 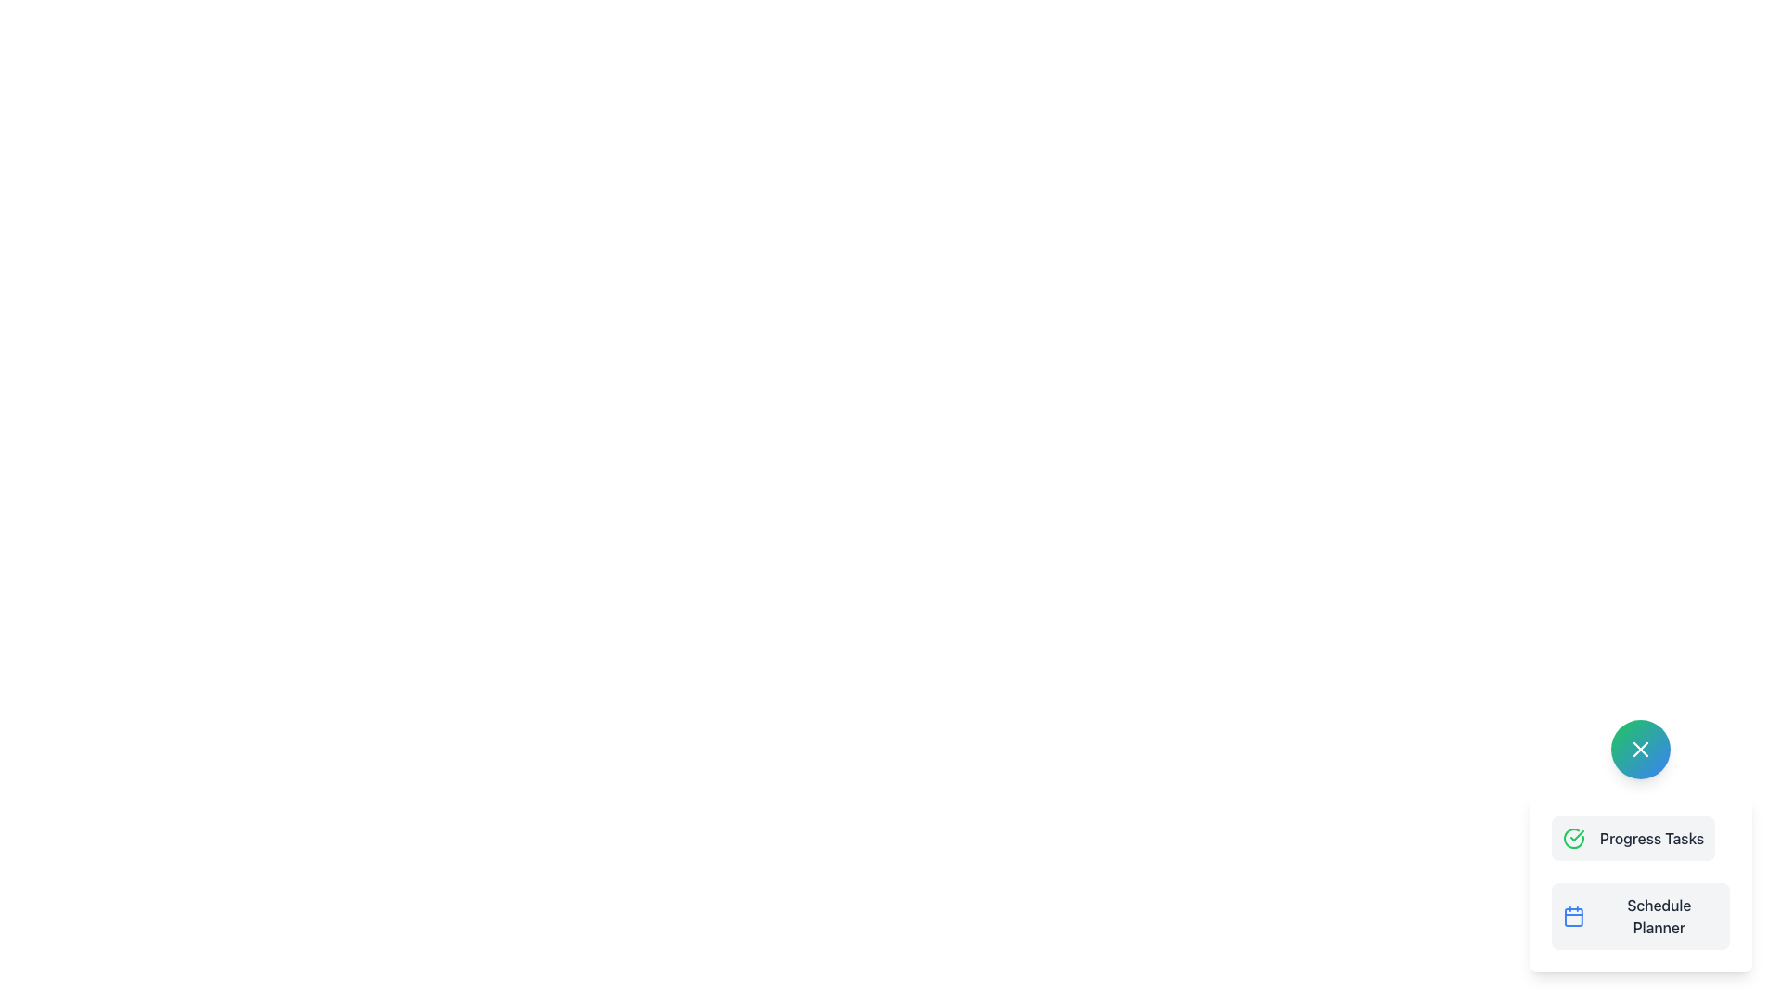 I want to click on the 'Progress Tasks' button, which is a rectangular button with rounded corners, featuring a green checkmark icon and dark gray text, located above the 'Schedule Planner' button, so click(x=1633, y=838).